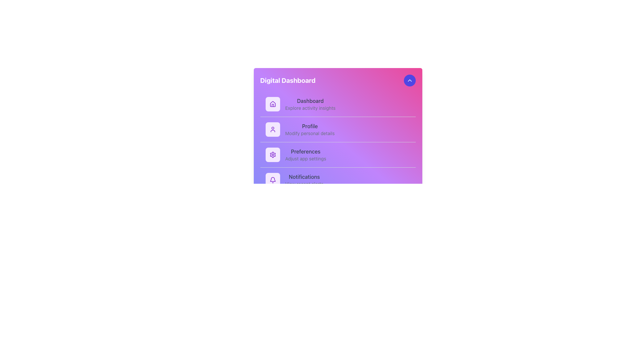 The height and width of the screenshot is (355, 632). I want to click on the notification SVG icon located at the upper-right corner of the interface, adjacent to the digital dashboard's title, which serves as a visual indicator for pending alerts or messages, so click(273, 179).